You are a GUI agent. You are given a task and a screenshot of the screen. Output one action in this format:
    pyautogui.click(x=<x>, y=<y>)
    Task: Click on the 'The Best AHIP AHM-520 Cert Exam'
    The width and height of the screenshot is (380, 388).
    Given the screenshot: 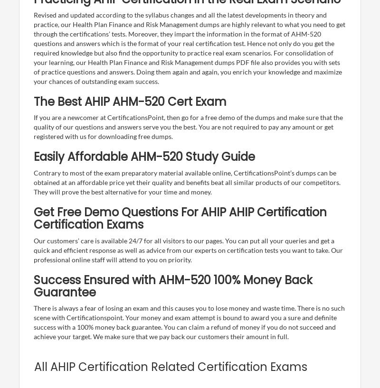 What is the action you would take?
    pyautogui.click(x=130, y=102)
    